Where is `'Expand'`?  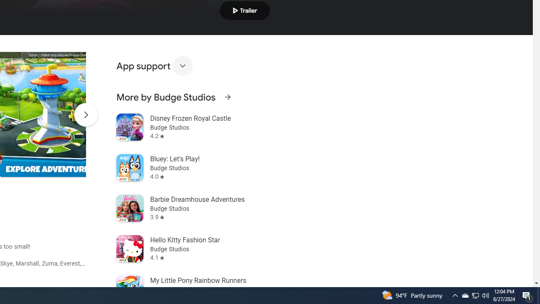 'Expand' is located at coordinates (182, 65).